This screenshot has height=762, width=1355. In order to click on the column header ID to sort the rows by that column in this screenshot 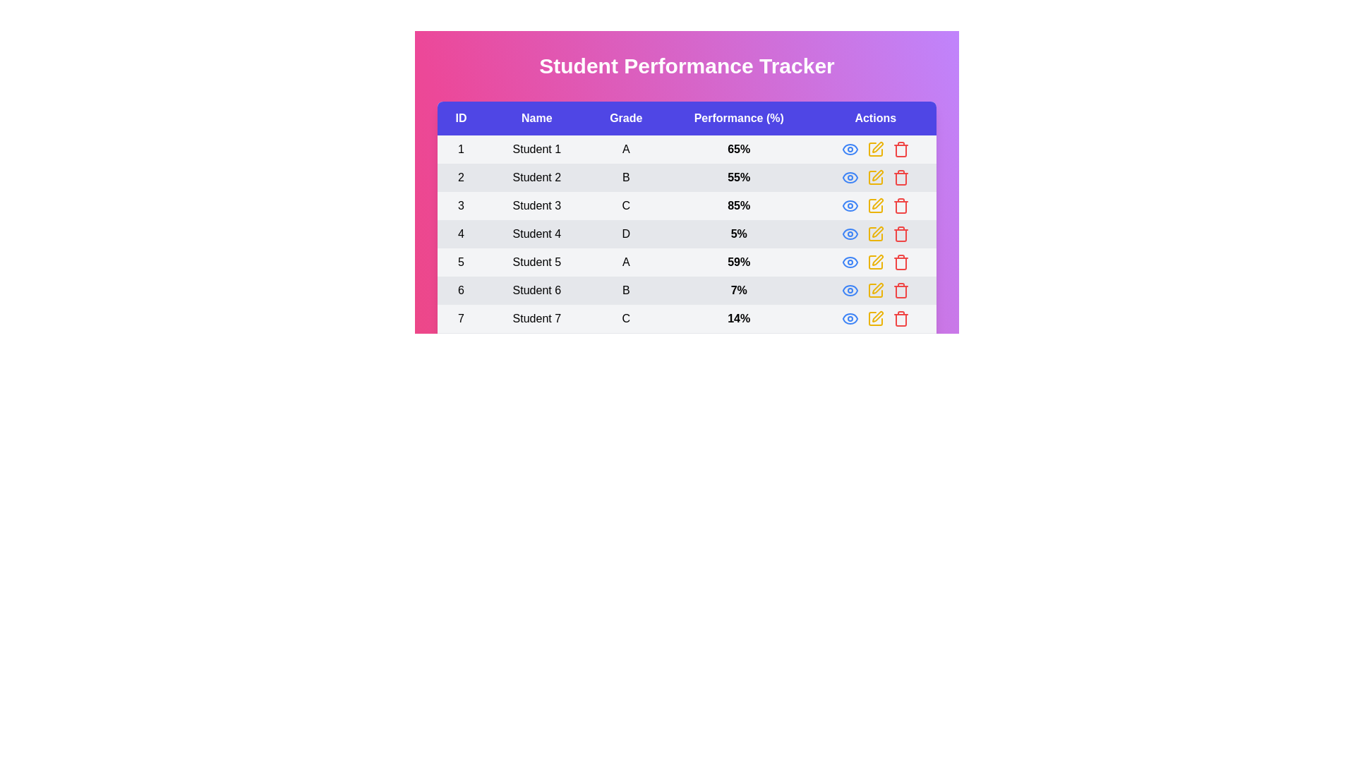, I will do `click(461, 118)`.